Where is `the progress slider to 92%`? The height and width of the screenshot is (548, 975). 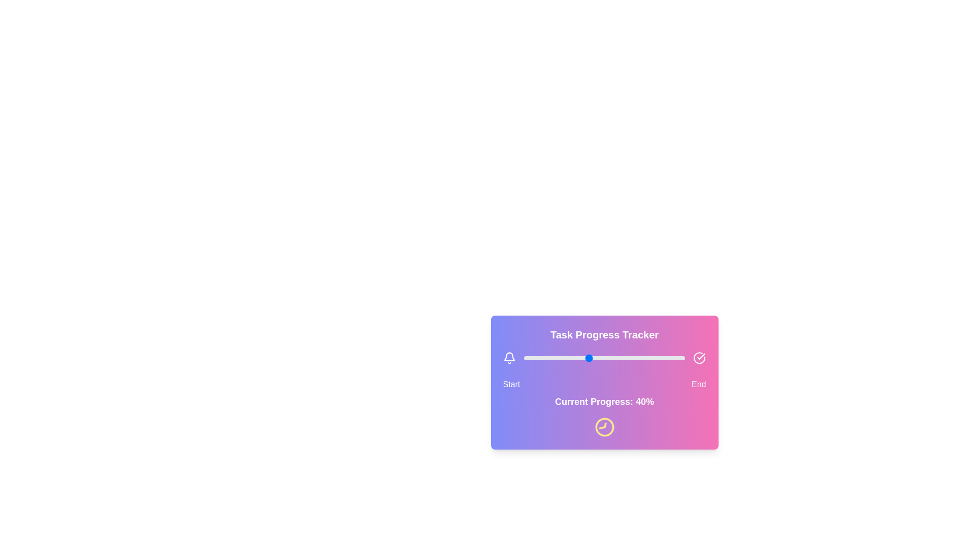 the progress slider to 92% is located at coordinates (672, 357).